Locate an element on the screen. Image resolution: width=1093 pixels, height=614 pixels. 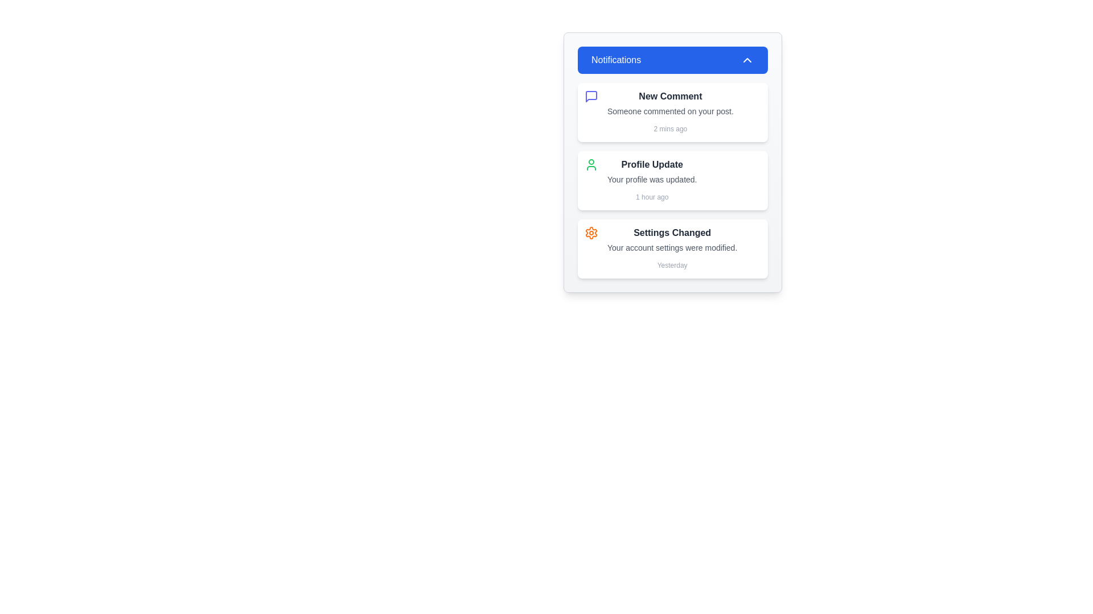
the first notification item displaying 'New Comment' is located at coordinates (670, 112).